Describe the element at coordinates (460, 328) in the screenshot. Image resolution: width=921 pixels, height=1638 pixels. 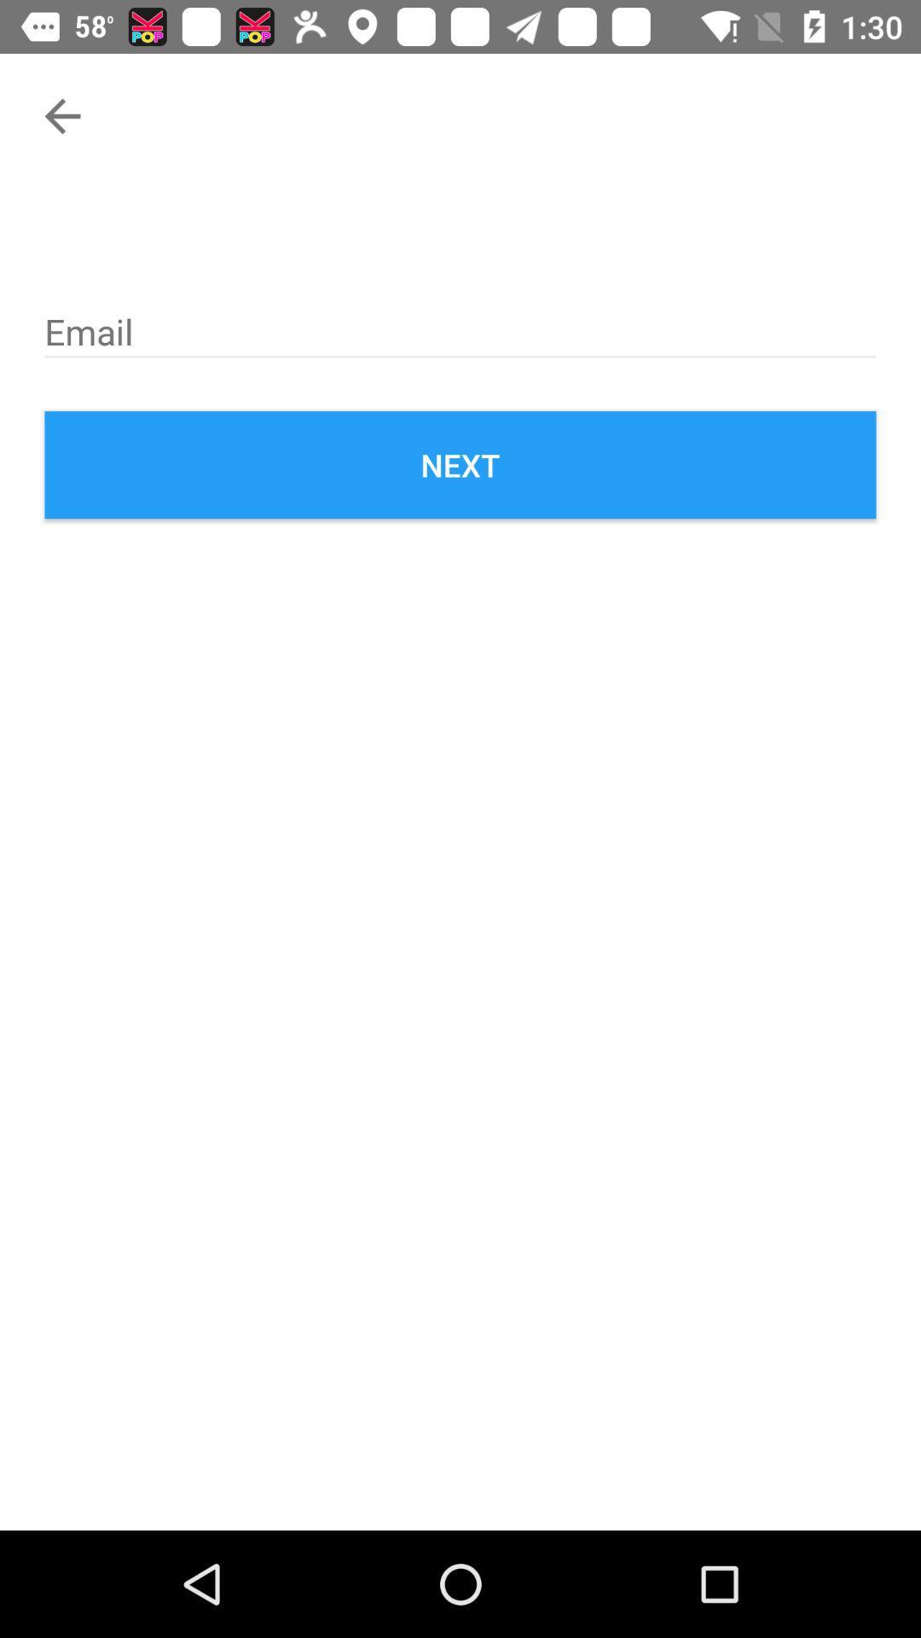
I see `item above next item` at that location.